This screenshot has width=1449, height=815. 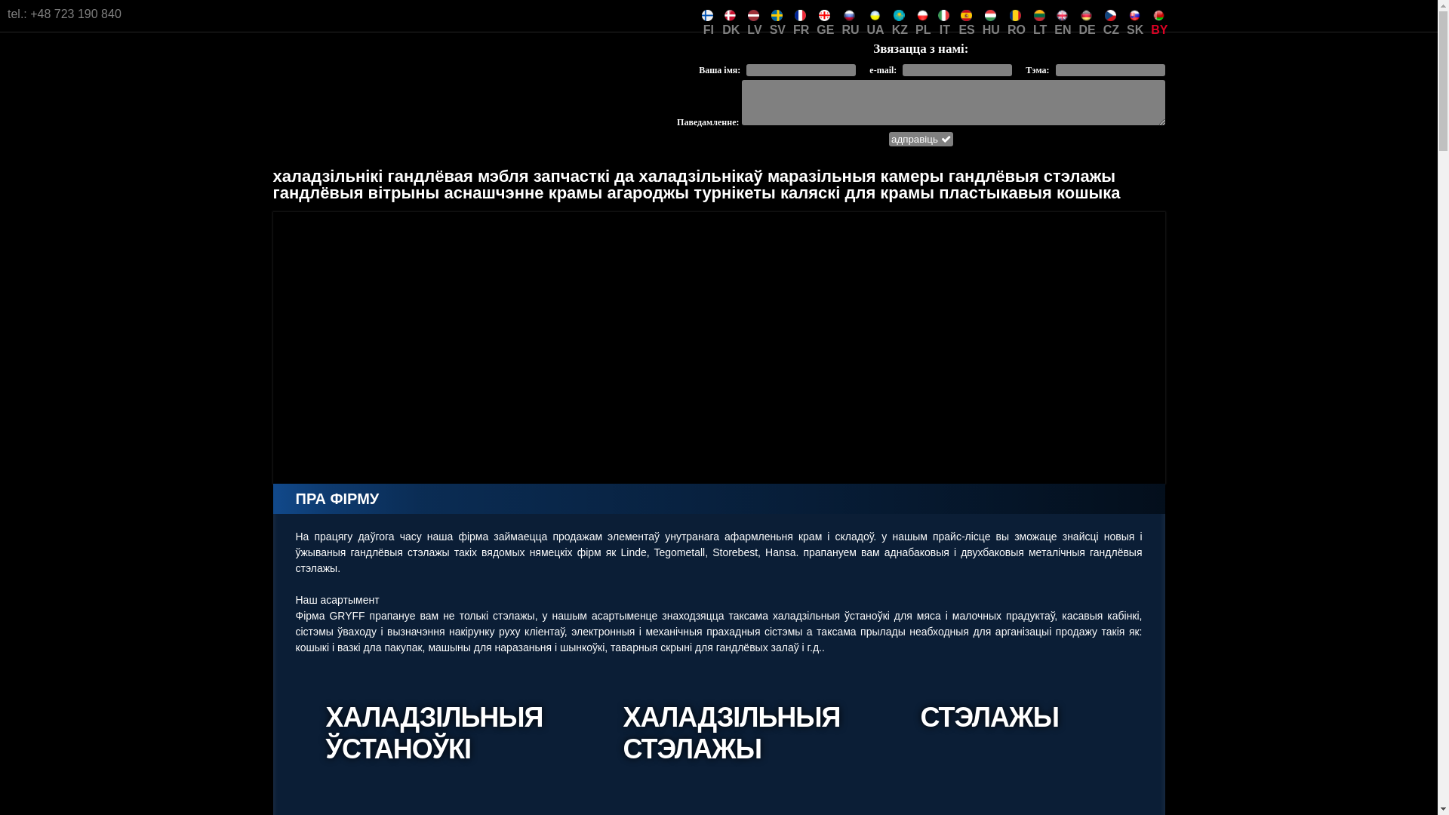 What do you see at coordinates (1038, 14) in the screenshot?
I see `'LT'` at bounding box center [1038, 14].